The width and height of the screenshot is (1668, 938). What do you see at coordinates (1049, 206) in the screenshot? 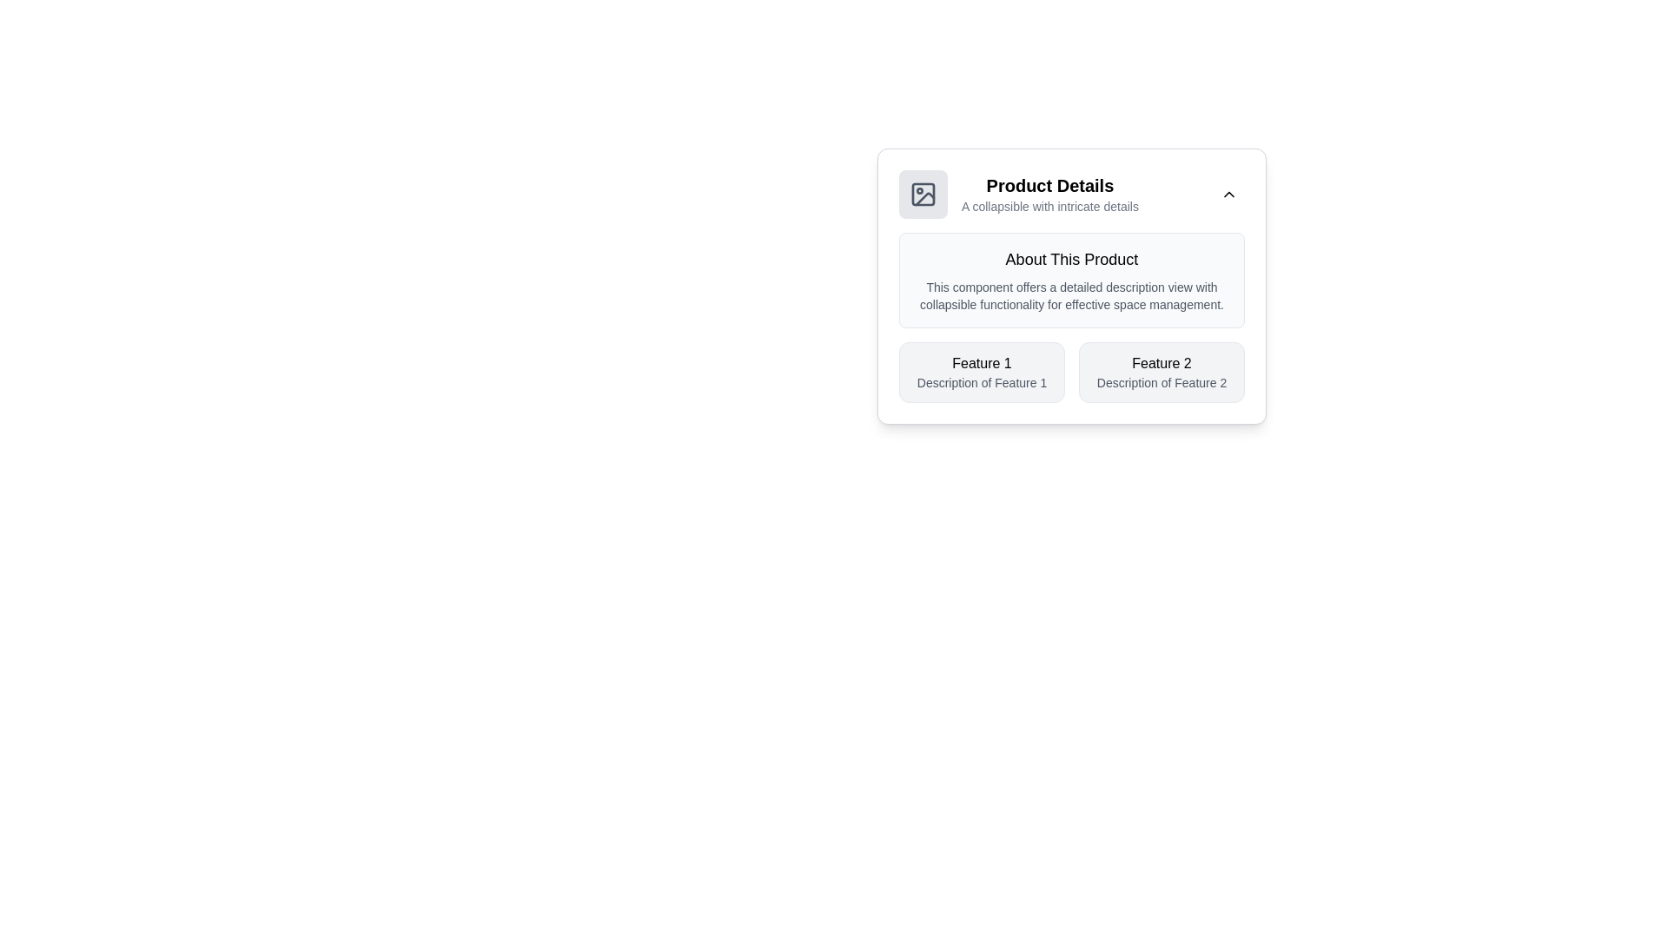
I see `text content of the gray text label that says 'A collapsible with intricate details', located below the 'Product Details' heading` at bounding box center [1049, 206].